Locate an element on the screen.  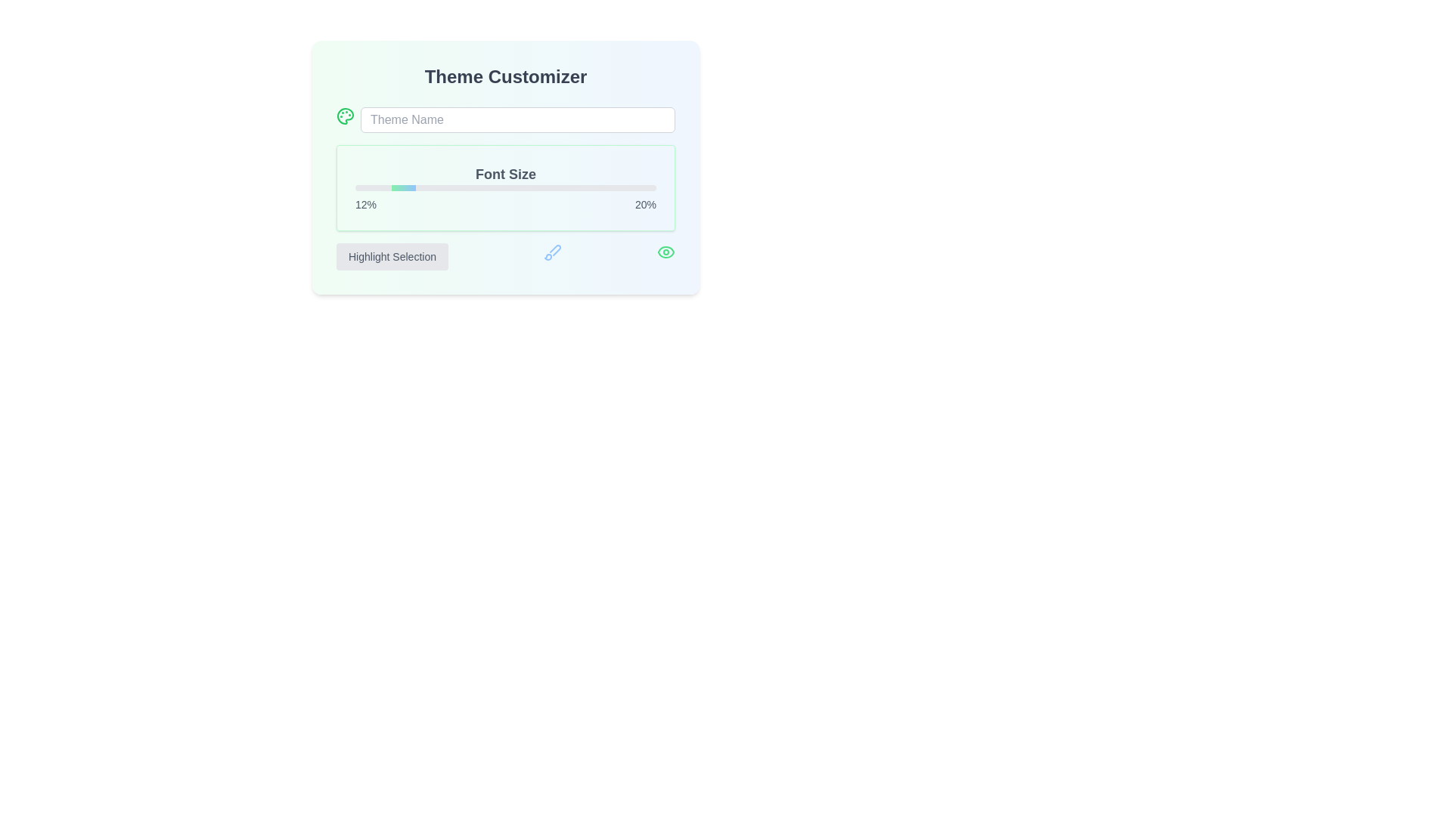
text displayed in the small font size label that shows '12%', which is positioned at the left side below the 'Font Size' label is located at coordinates (366, 204).